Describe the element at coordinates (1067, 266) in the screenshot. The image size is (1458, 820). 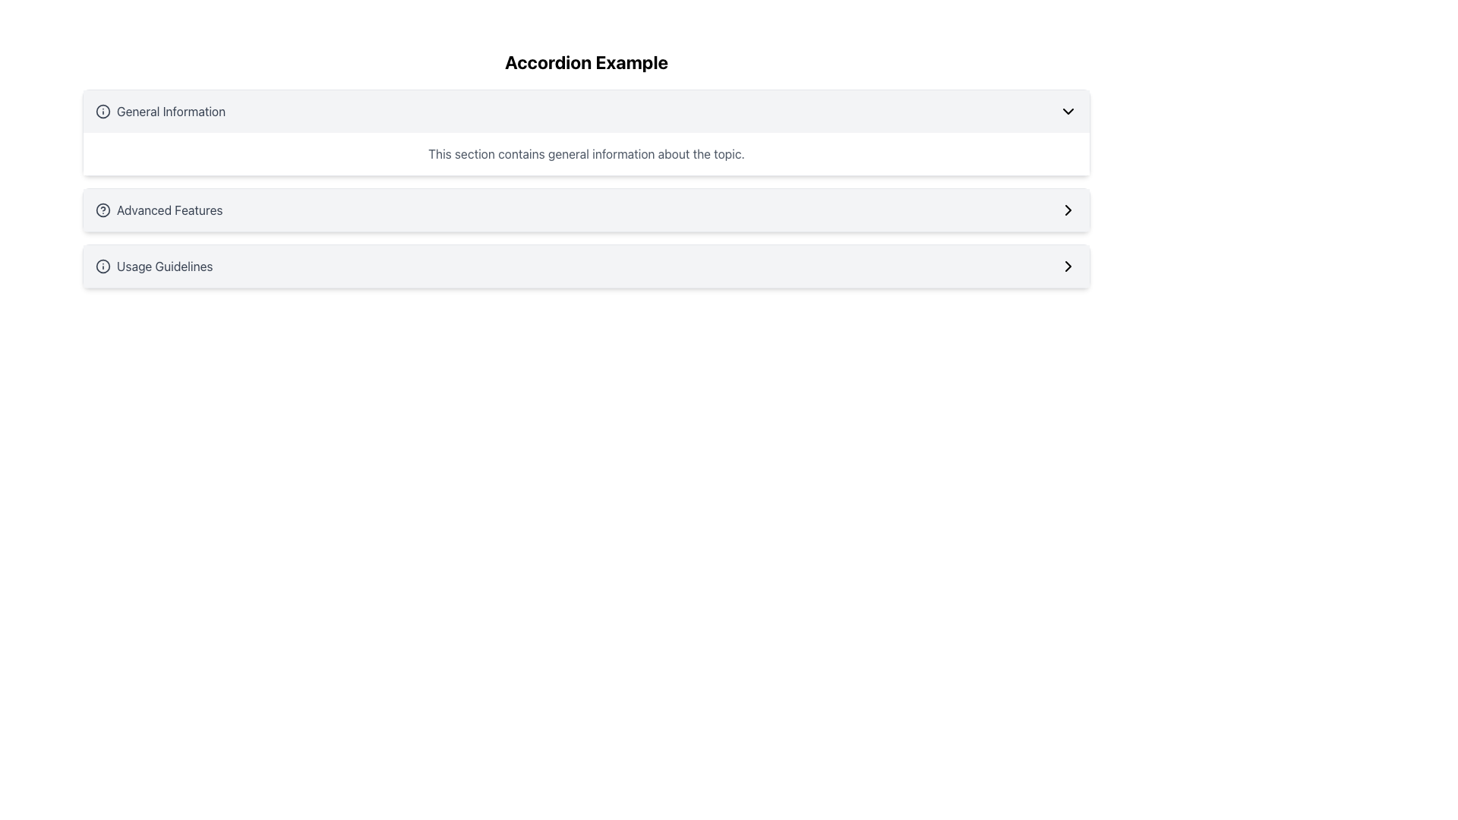
I see `the rightward-pointing chevron icon, which is located near the edge of the third collapsible section labeled 'Usage Guidelines'` at that location.